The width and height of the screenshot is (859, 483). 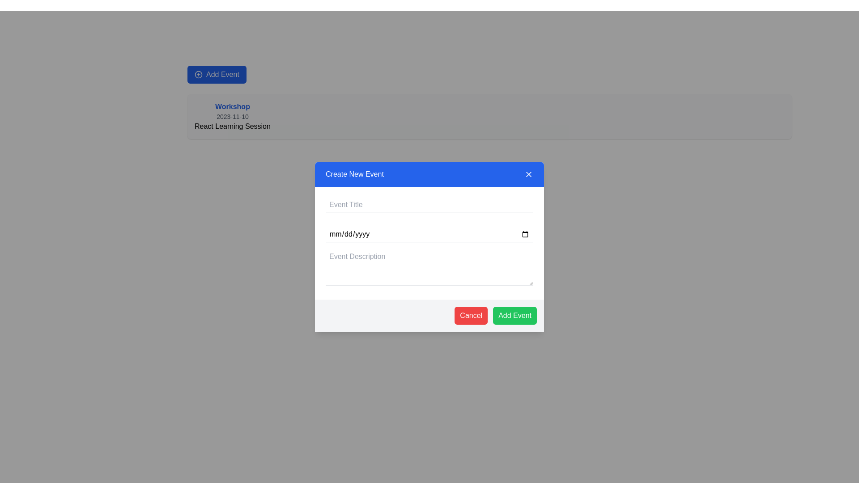 What do you see at coordinates (198, 74) in the screenshot?
I see `the circular plus icon, which is the leftmost element within the 'Add Event' button, styled in SVG format` at bounding box center [198, 74].